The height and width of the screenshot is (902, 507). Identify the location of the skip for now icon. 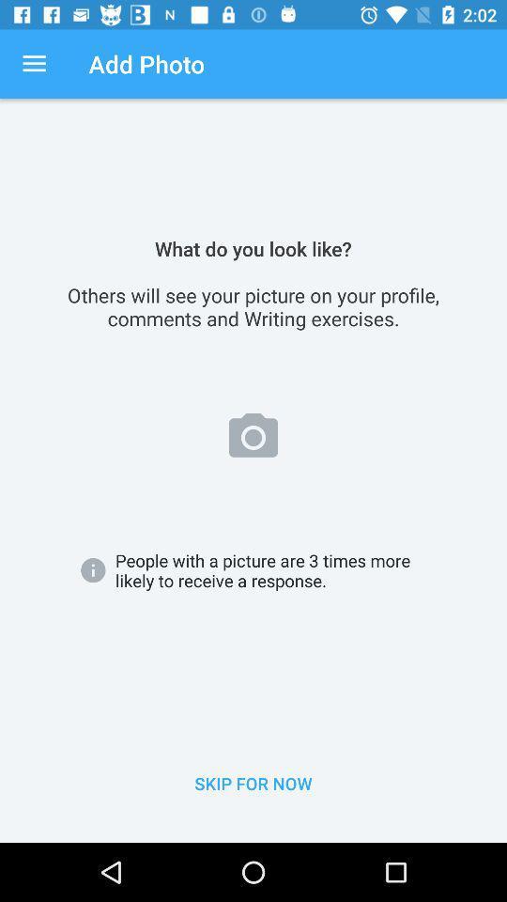
(253, 784).